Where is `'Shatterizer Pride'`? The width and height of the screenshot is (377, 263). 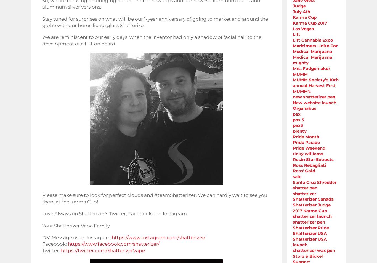
'Shatterizer Pride' is located at coordinates (310, 227).